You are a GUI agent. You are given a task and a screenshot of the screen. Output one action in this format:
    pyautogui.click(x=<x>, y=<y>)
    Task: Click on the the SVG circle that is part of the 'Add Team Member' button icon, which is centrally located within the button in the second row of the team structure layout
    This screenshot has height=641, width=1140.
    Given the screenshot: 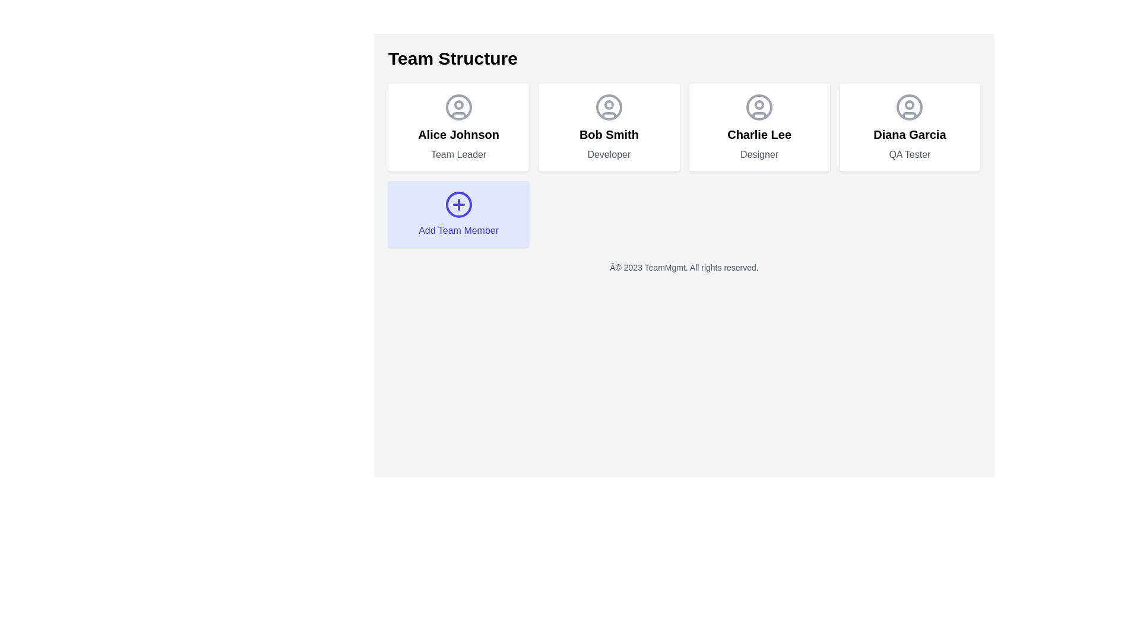 What is the action you would take?
    pyautogui.click(x=458, y=204)
    